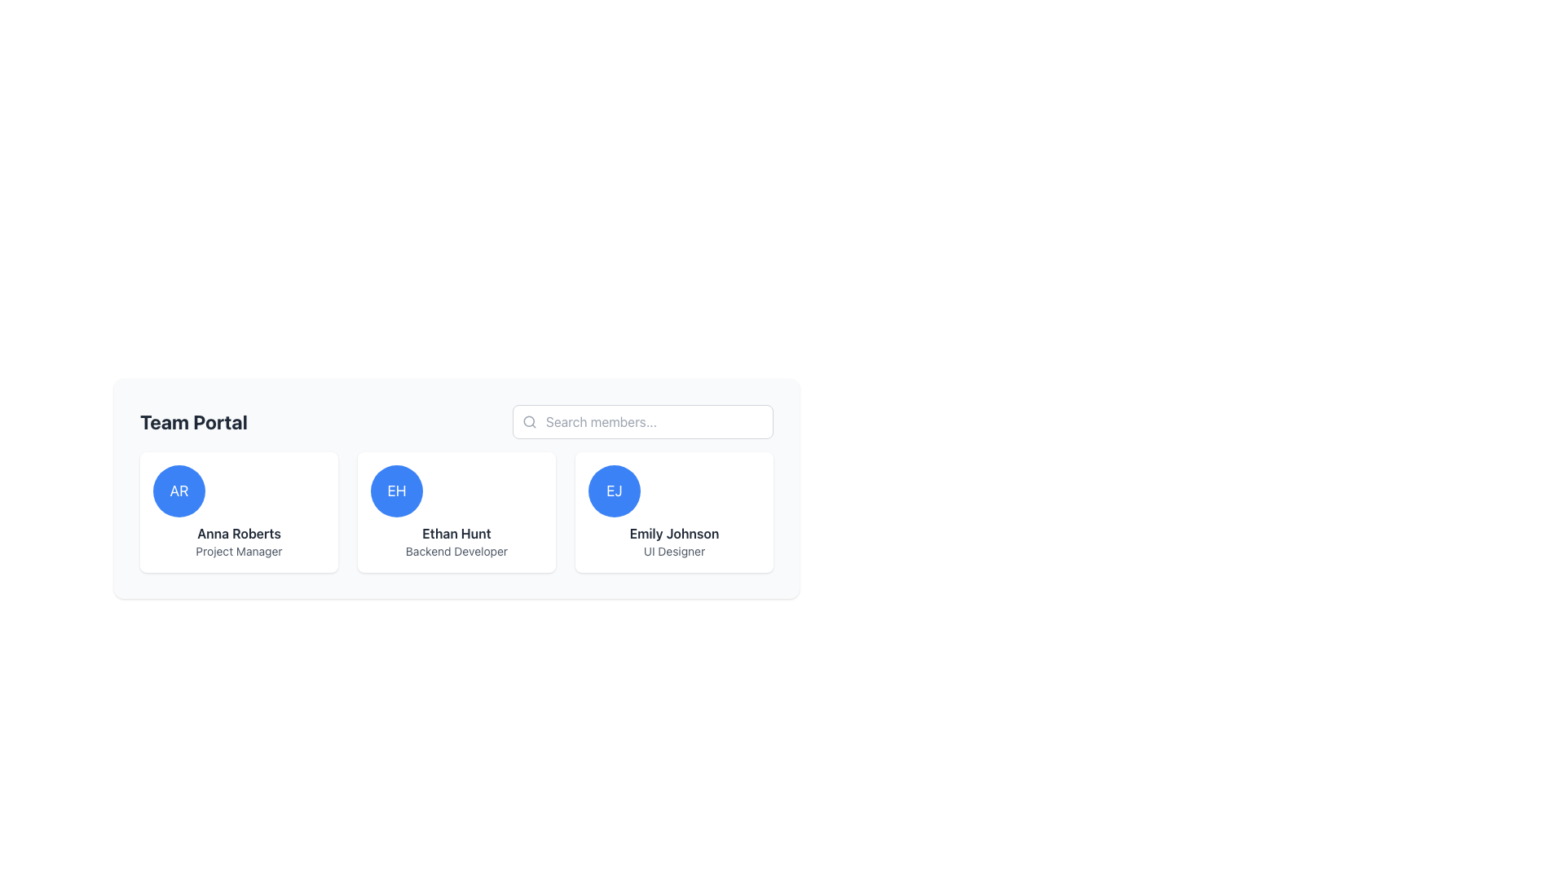 The image size is (1565, 880). Describe the element at coordinates (529, 420) in the screenshot. I see `the circular element located at the center of the magnifying glass icon, which is positioned to the left of the 'Search members...' input field` at that location.